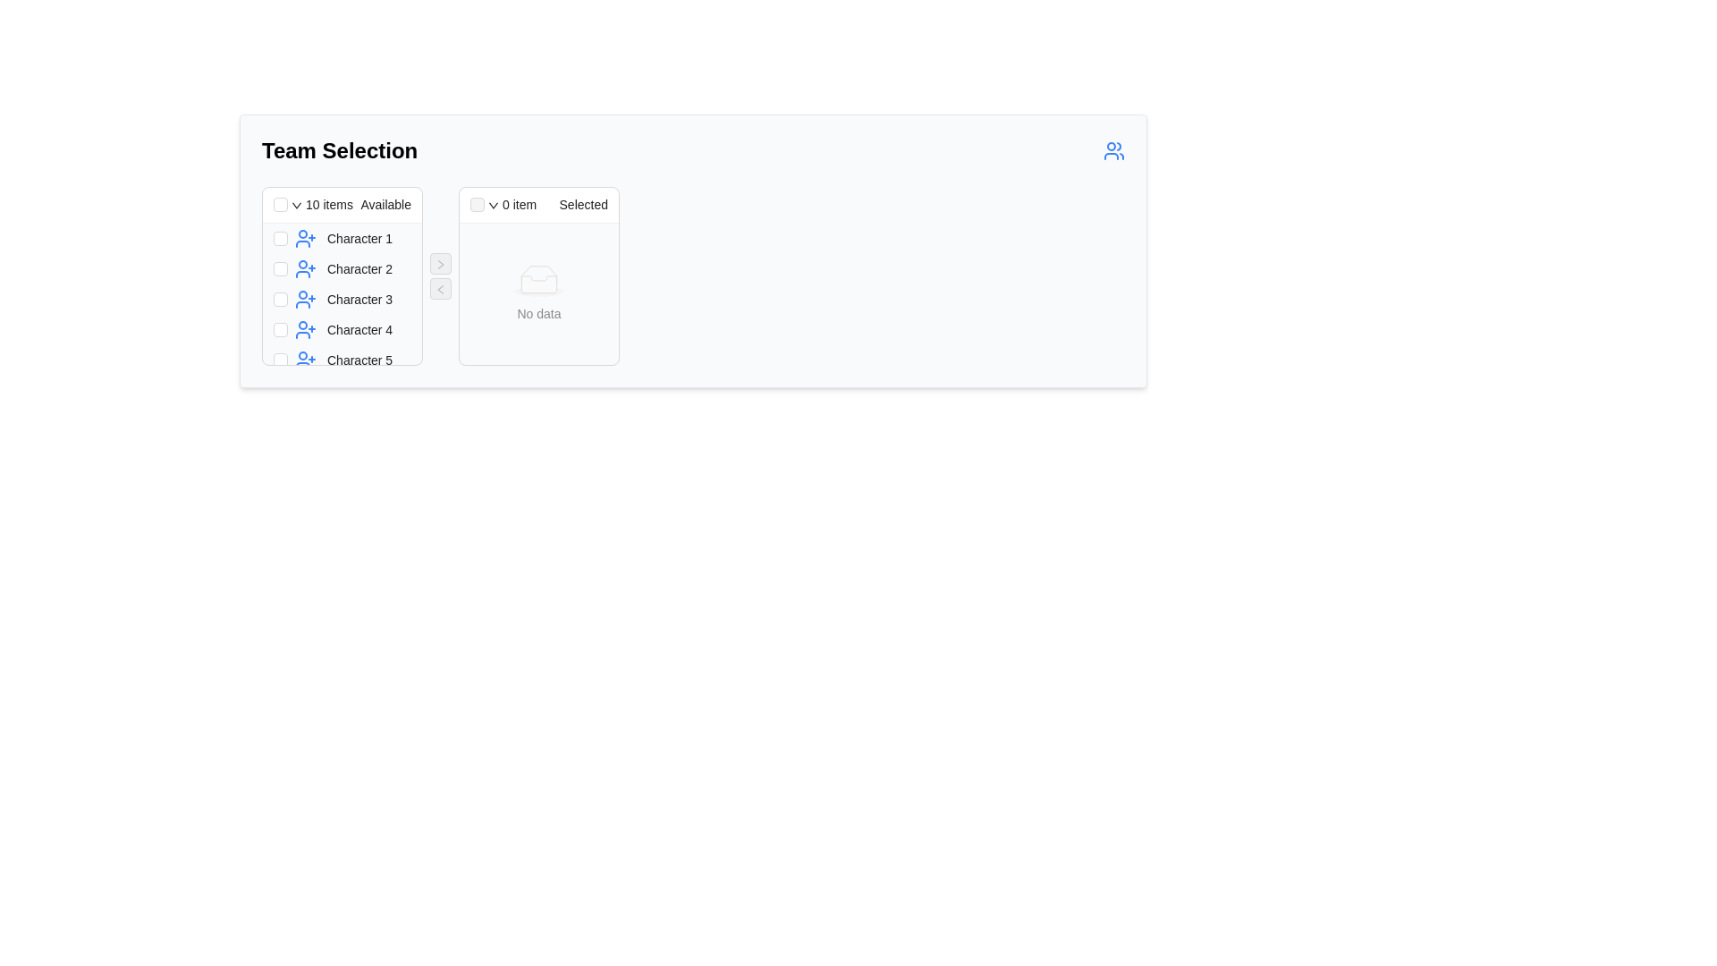 This screenshot has width=1717, height=966. I want to click on the checkbox in the fifth row of the 'Team Selection' interface, so click(343, 360).